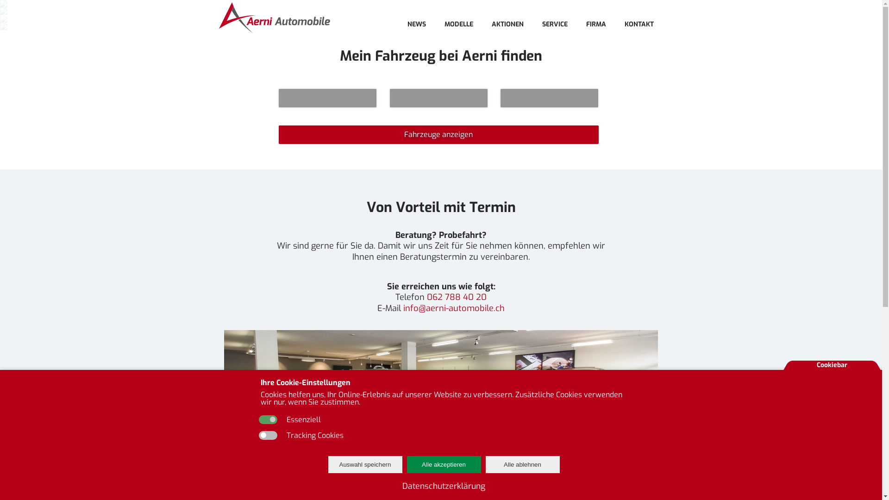 The width and height of the screenshot is (889, 500). I want to click on 'KONTAKT', so click(639, 24).